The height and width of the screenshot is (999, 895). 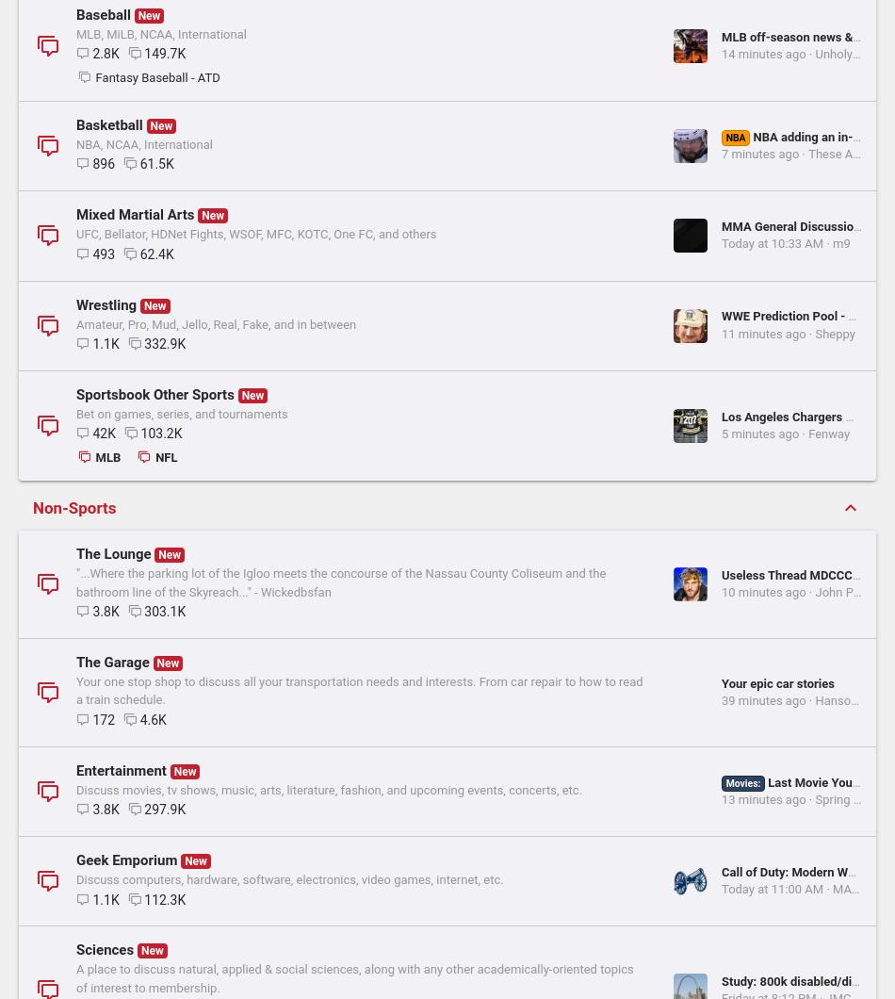 What do you see at coordinates (503, 191) in the screenshot?
I see `'Danish Prospects'` at bounding box center [503, 191].